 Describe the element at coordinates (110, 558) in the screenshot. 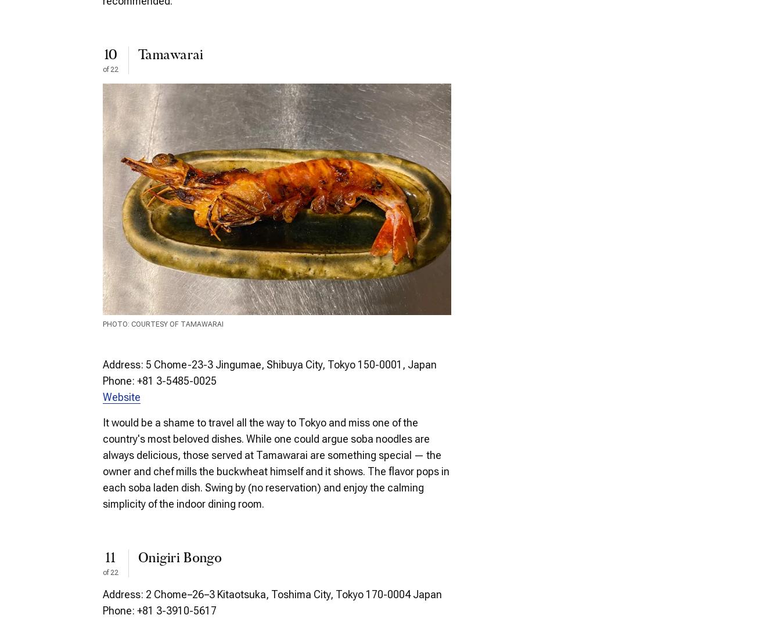

I see `'11'` at that location.